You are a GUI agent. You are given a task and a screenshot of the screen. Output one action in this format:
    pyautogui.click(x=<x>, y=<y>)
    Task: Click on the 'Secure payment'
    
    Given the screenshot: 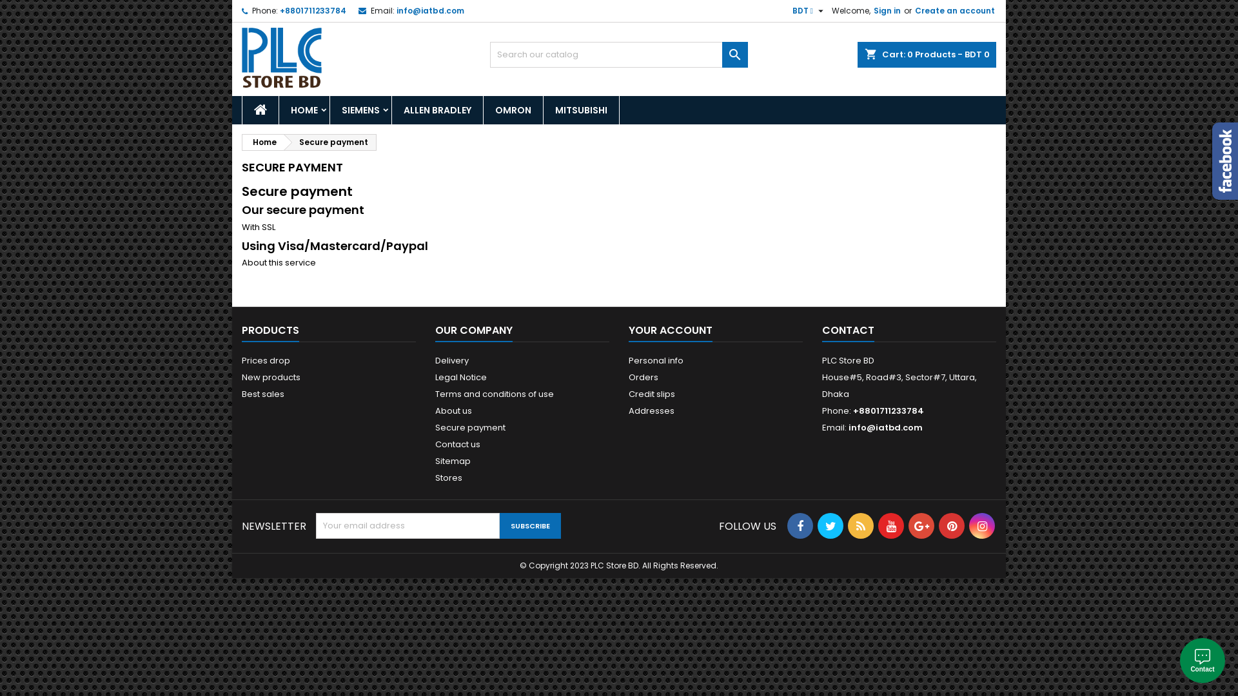 What is the action you would take?
    pyautogui.click(x=469, y=427)
    